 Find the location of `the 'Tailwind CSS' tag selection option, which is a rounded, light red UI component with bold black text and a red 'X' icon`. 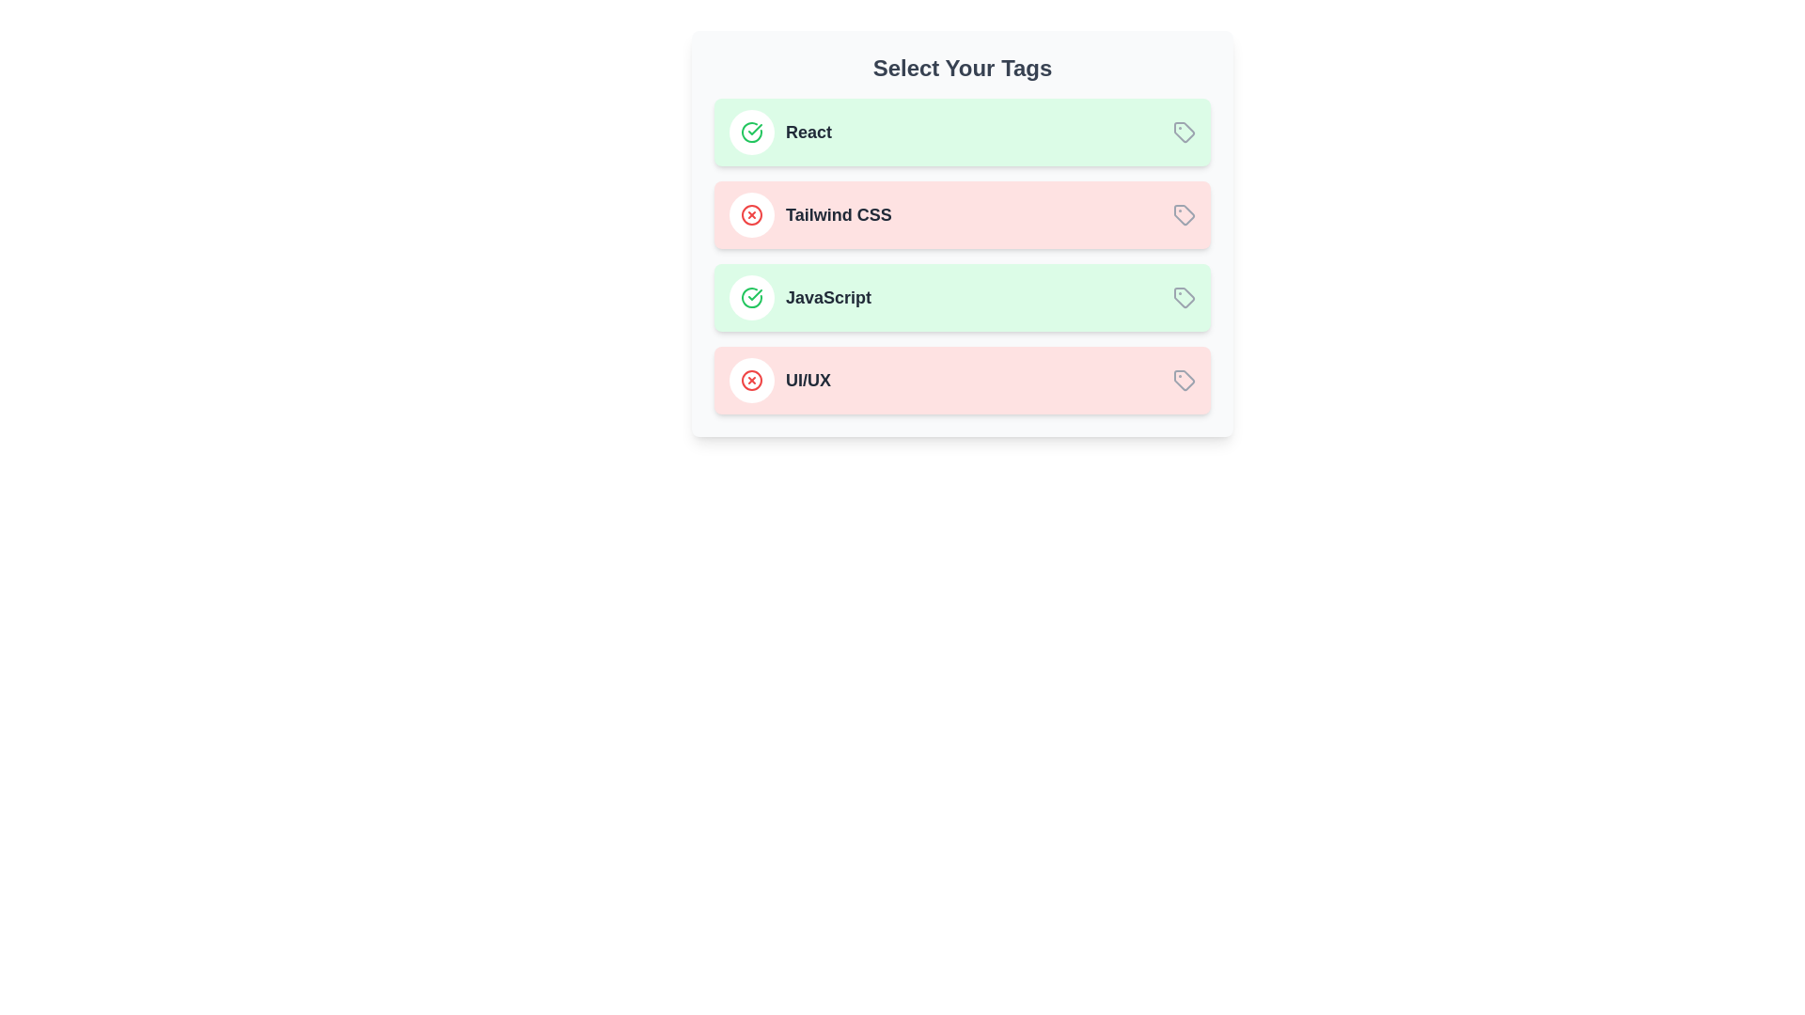

the 'Tailwind CSS' tag selection option, which is a rounded, light red UI component with bold black text and a red 'X' icon is located at coordinates (962, 213).